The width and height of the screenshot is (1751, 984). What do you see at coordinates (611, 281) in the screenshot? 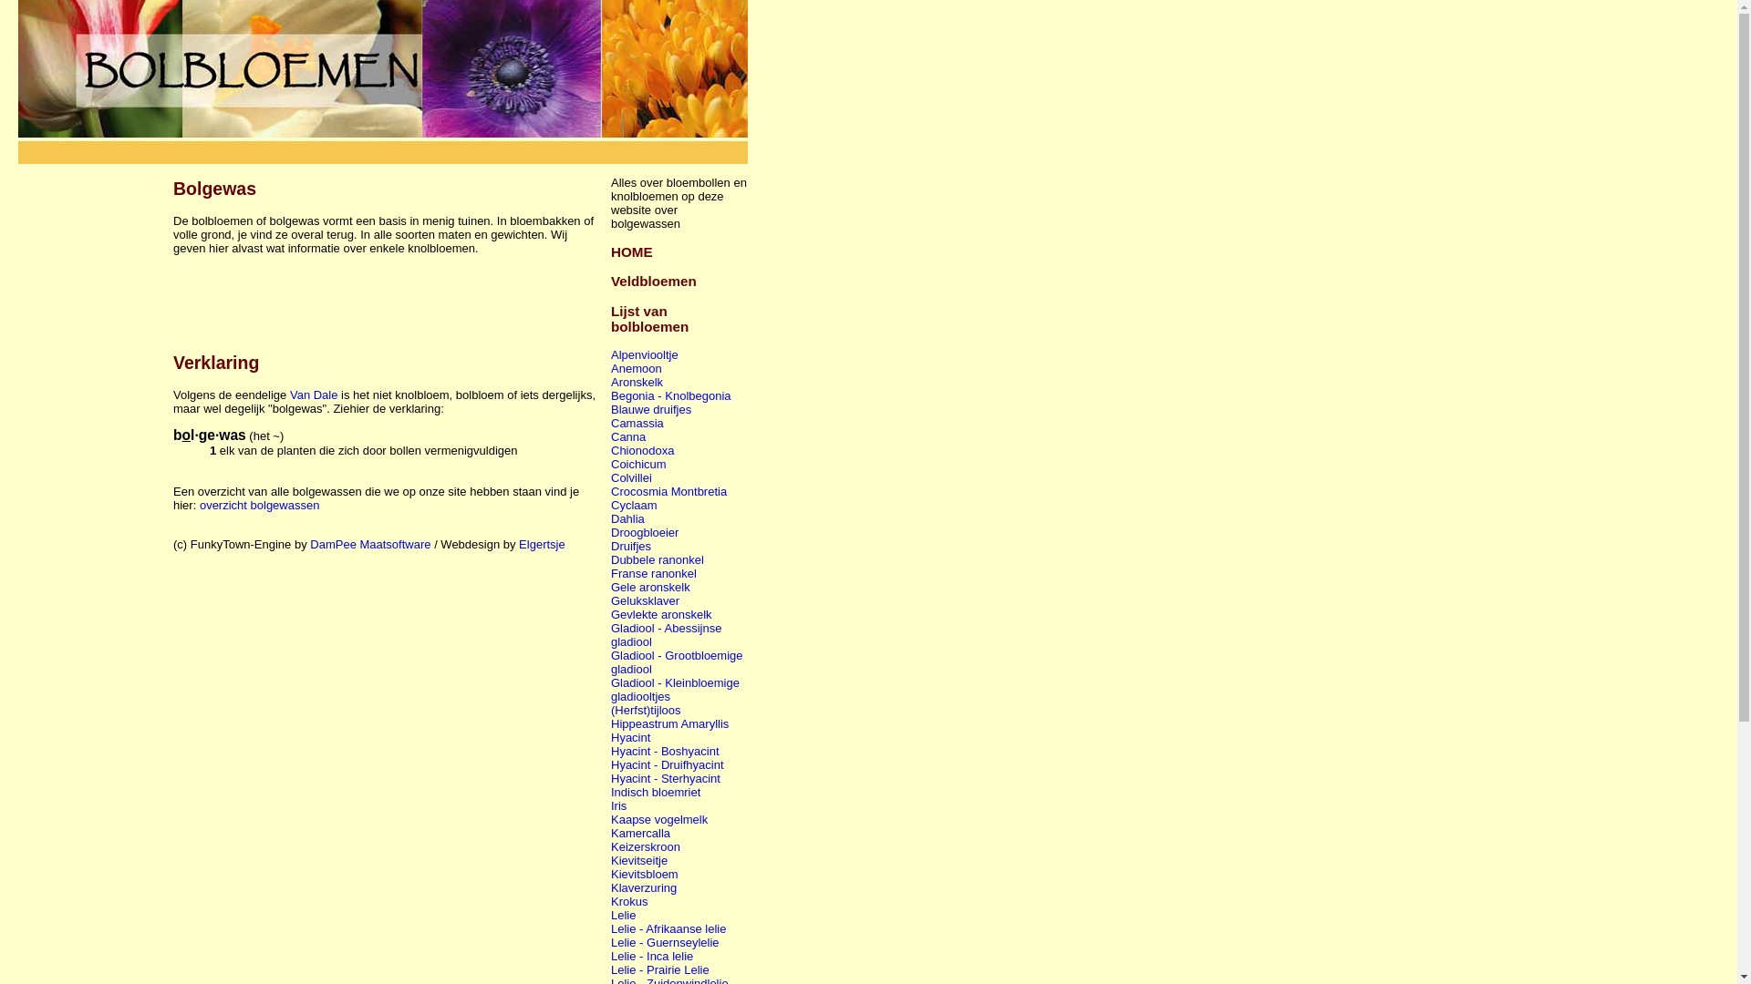
I see `'Veldbloemen'` at bounding box center [611, 281].